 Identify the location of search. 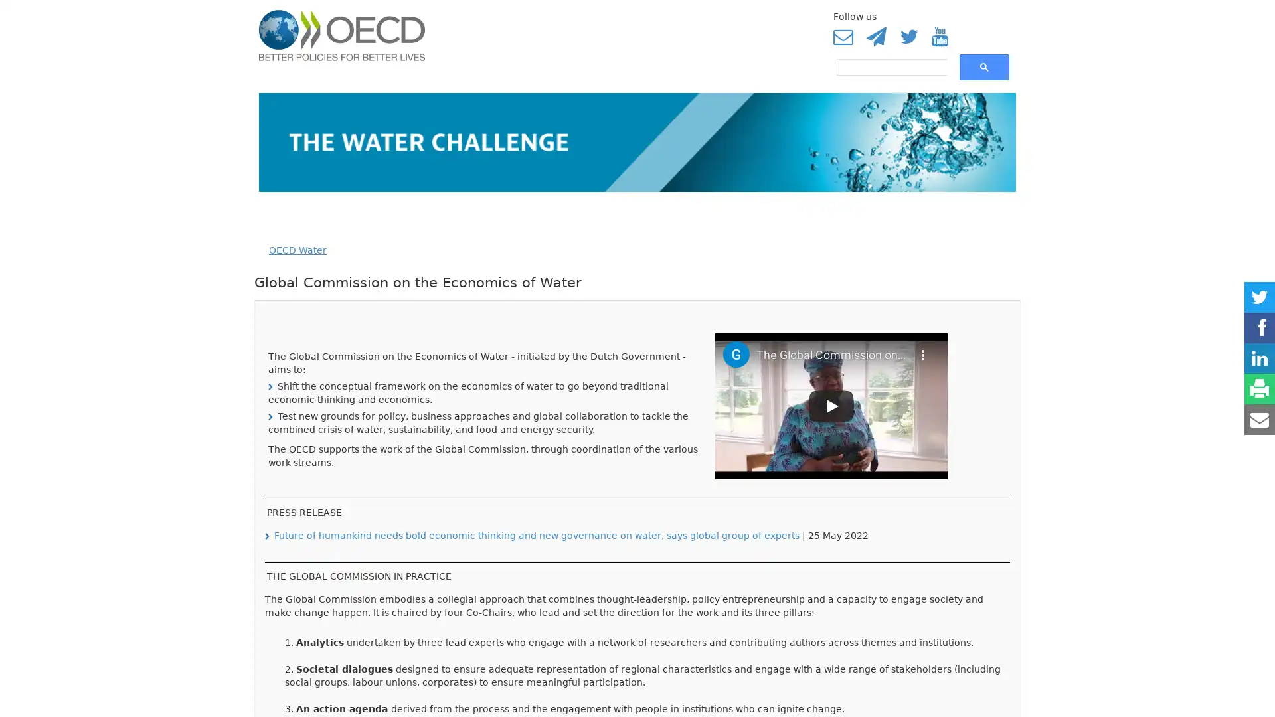
(984, 66).